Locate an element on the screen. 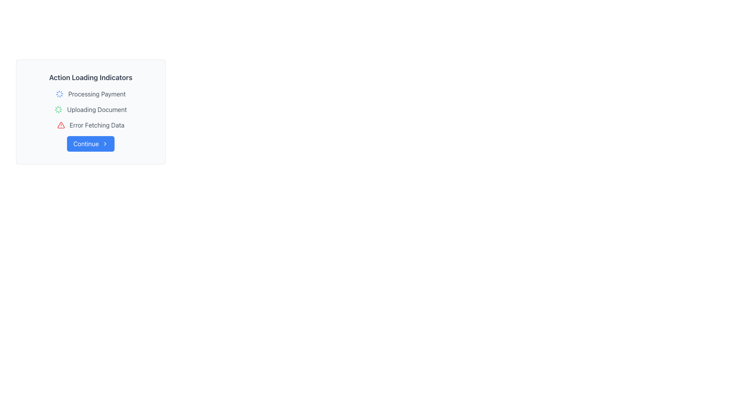 This screenshot has height=420, width=748. the Text Label that indicates the document upload process is in progress, located in the centered white rectangular box labeled 'Action Loading Indicators' is located at coordinates (97, 109).